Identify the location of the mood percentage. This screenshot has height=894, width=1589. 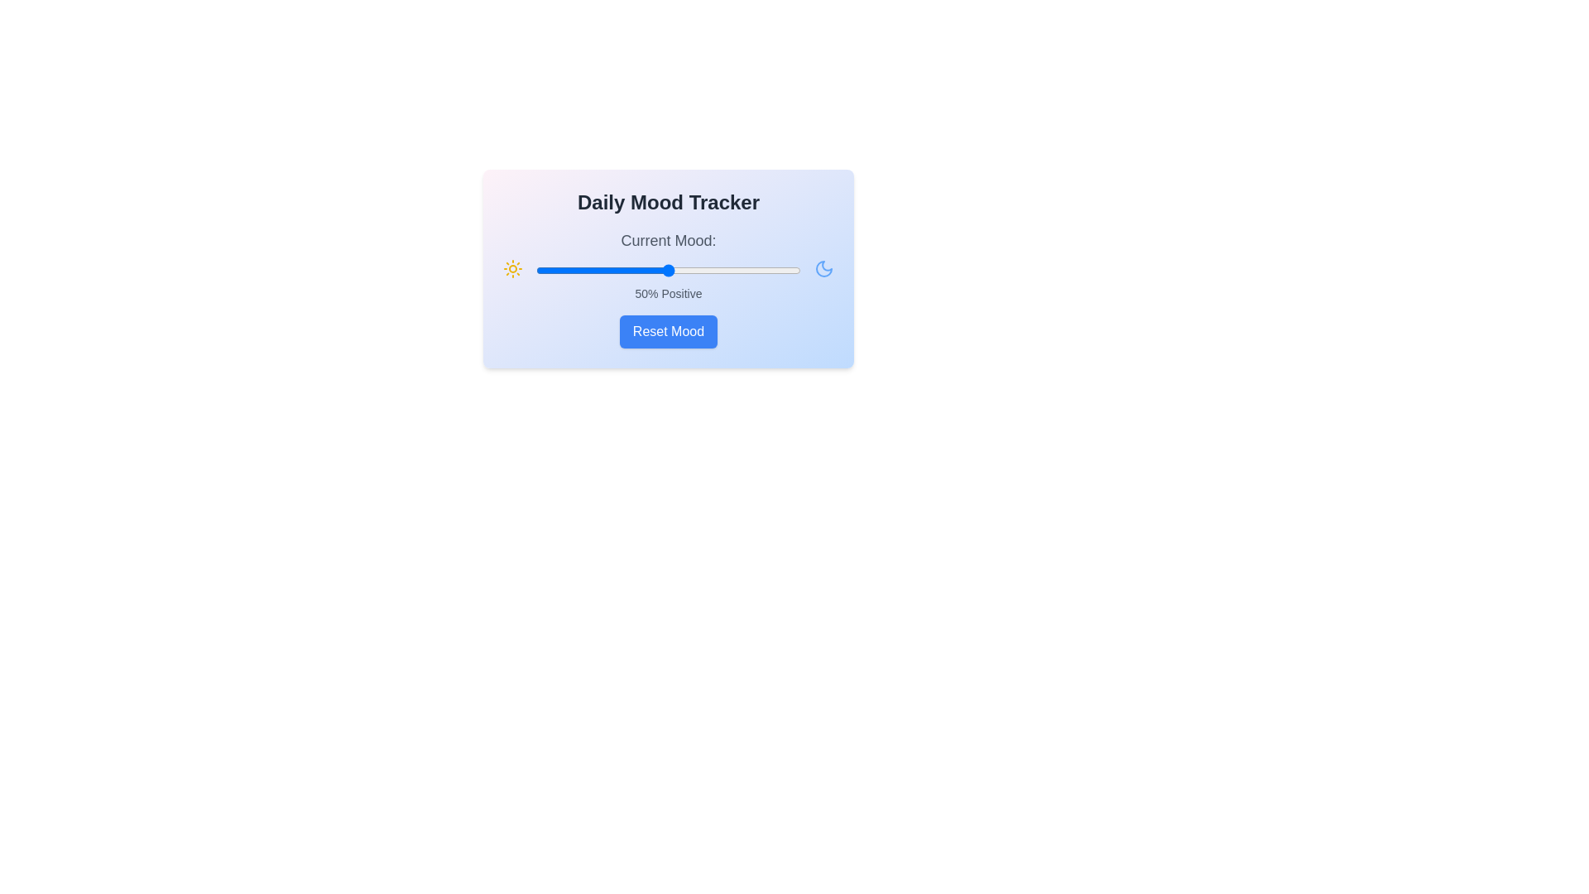
(781, 270).